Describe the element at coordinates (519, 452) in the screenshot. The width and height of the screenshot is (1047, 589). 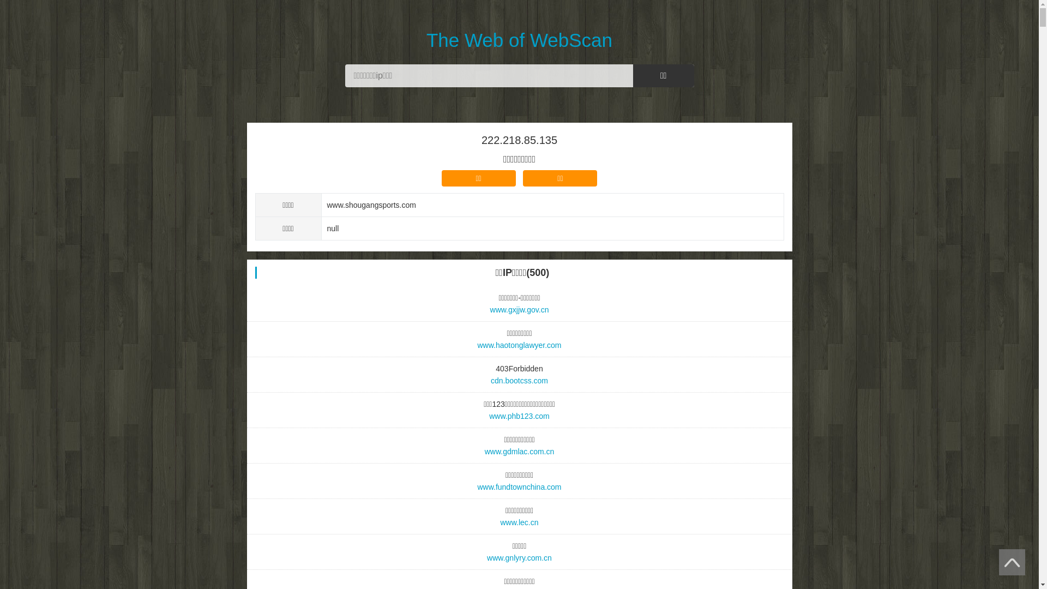
I see `'www.gdmlac.com.cn'` at that location.